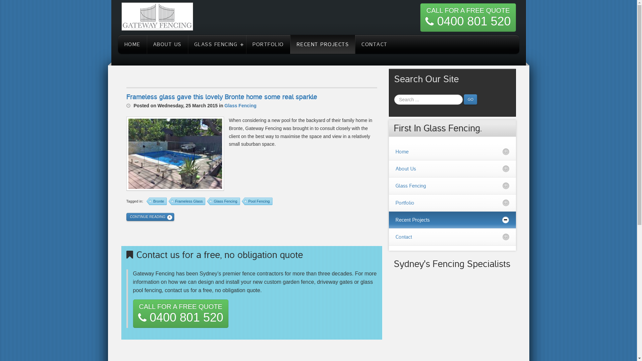  Describe the element at coordinates (452, 152) in the screenshot. I see `'Home'` at that location.